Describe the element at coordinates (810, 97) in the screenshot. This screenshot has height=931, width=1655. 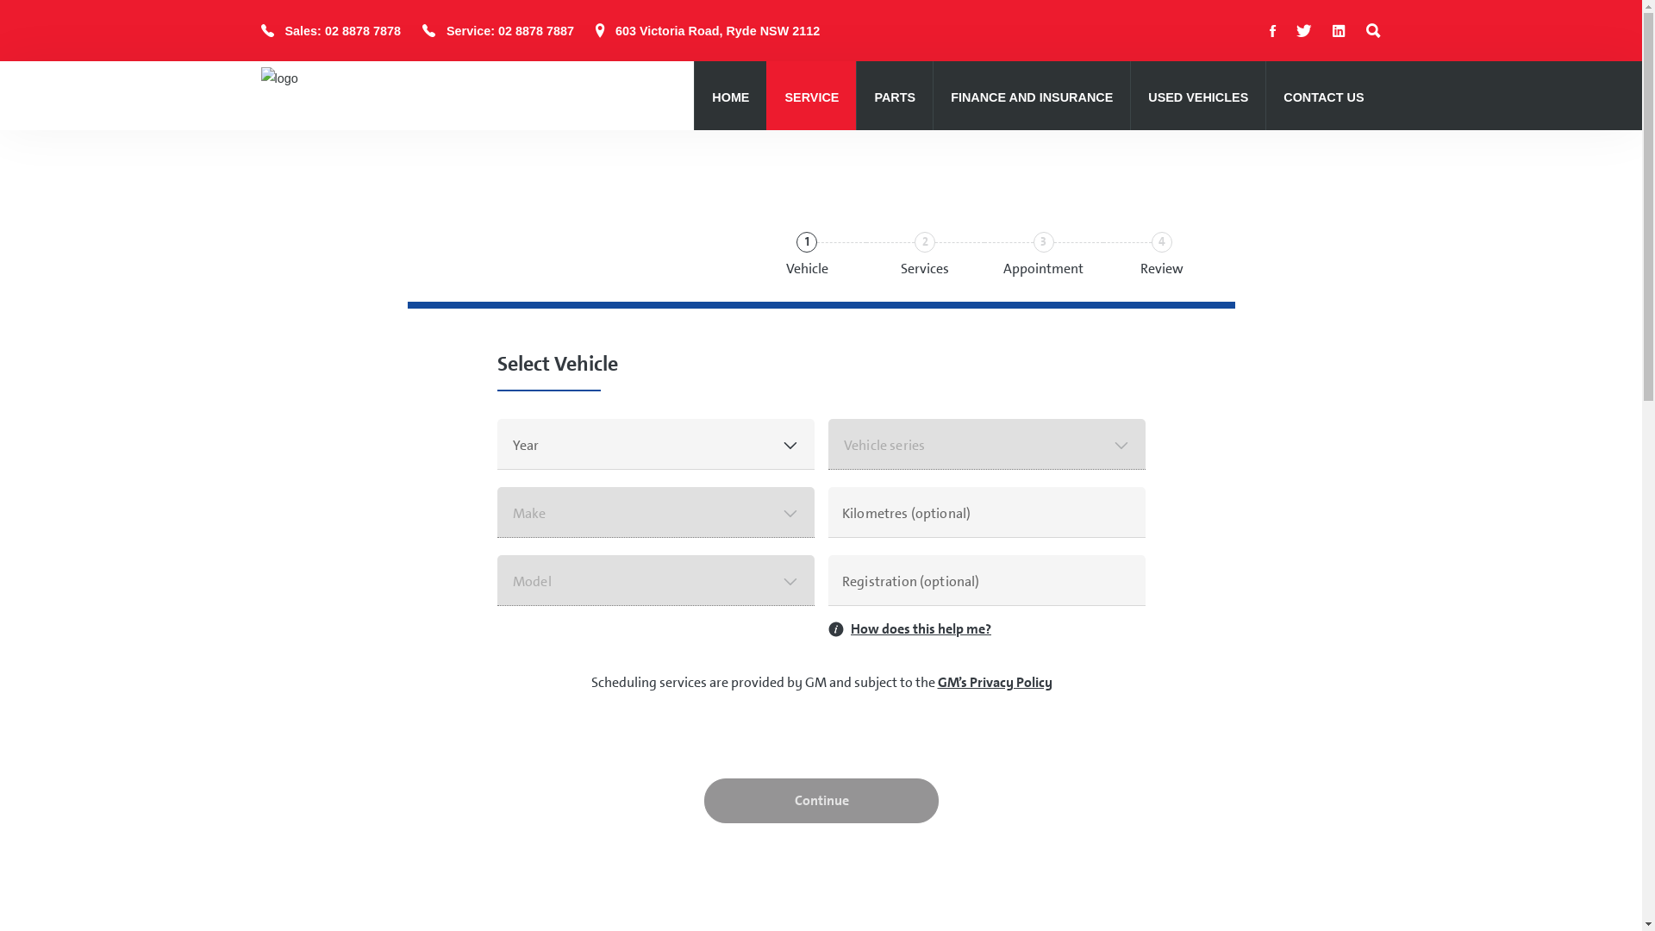
I see `'SERVICE'` at that location.